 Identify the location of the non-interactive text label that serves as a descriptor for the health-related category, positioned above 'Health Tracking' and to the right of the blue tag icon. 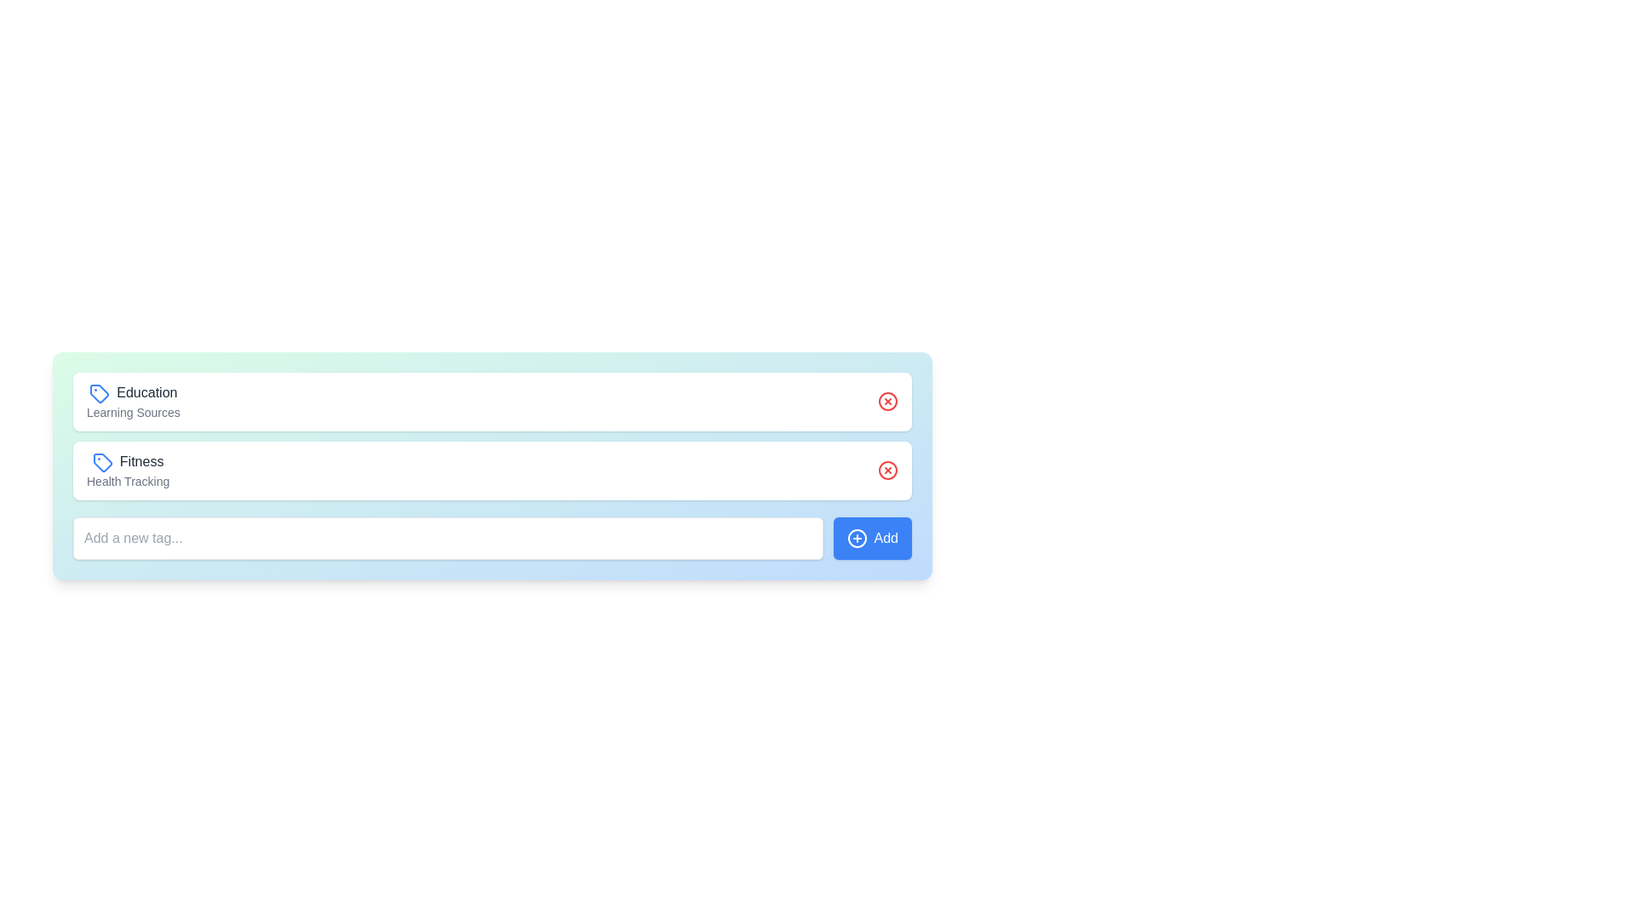
(141, 461).